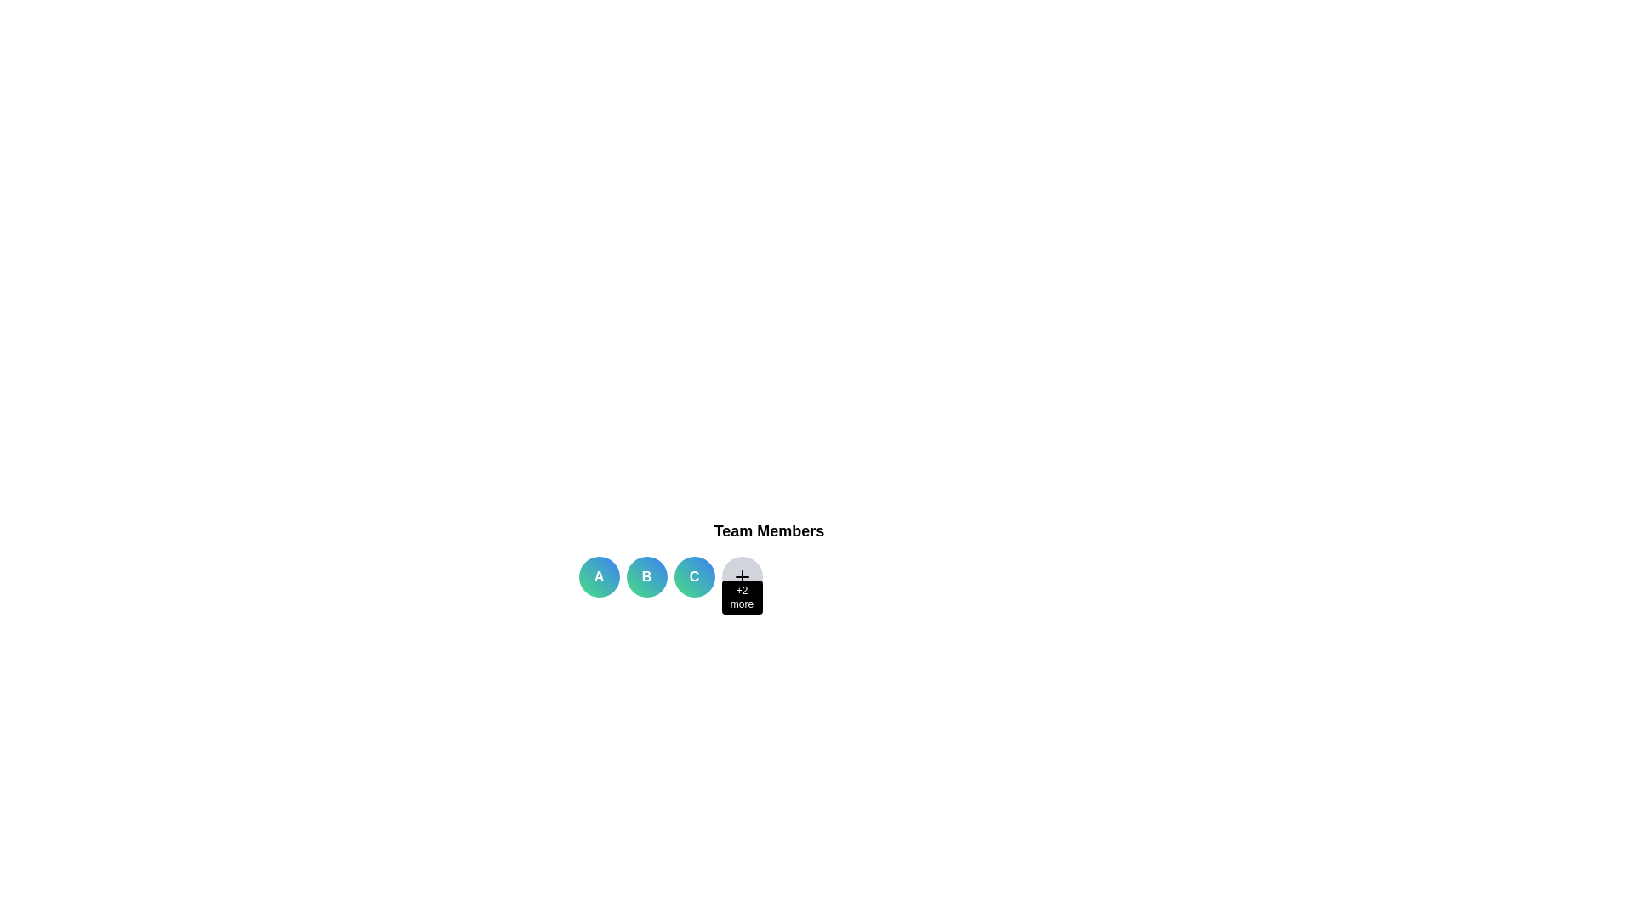 The image size is (1633, 918). I want to click on the circular badge or avatar labeled 'B', which is the second element from the left in a horizontal group, positioned between elements 'A' and 'C', so click(646, 575).